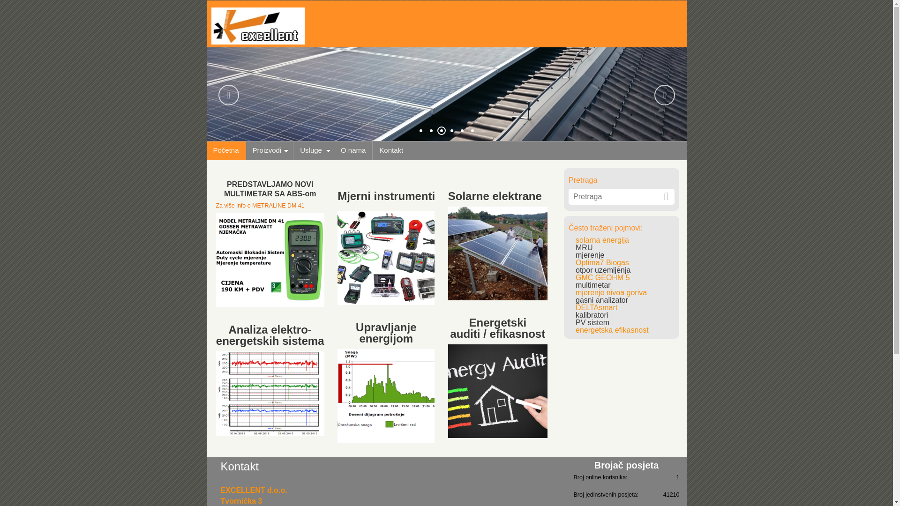 Image resolution: width=900 pixels, height=506 pixels. Describe the element at coordinates (596, 307) in the screenshot. I see `'DELTAsmart'` at that location.